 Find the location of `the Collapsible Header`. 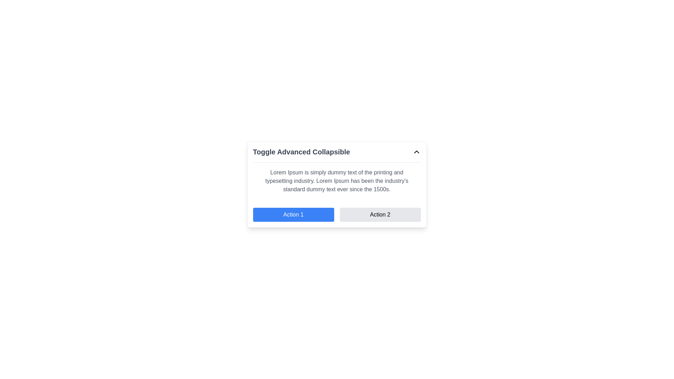

the Collapsible Header is located at coordinates (336, 151).